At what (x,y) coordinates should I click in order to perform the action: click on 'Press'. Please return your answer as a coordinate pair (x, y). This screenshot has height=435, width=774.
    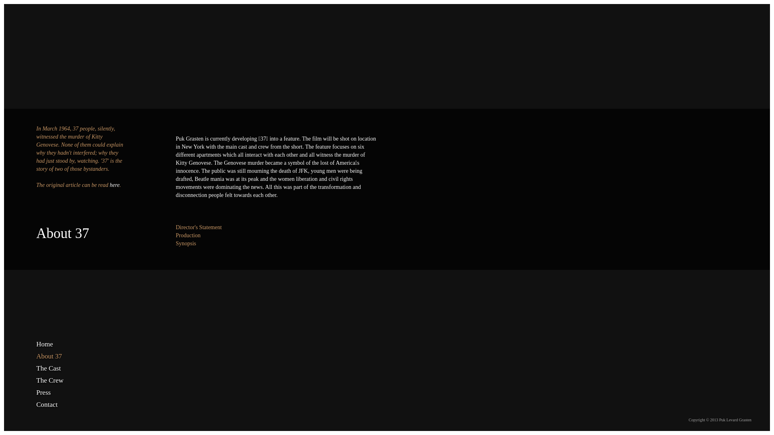
    Looking at the image, I should click on (58, 392).